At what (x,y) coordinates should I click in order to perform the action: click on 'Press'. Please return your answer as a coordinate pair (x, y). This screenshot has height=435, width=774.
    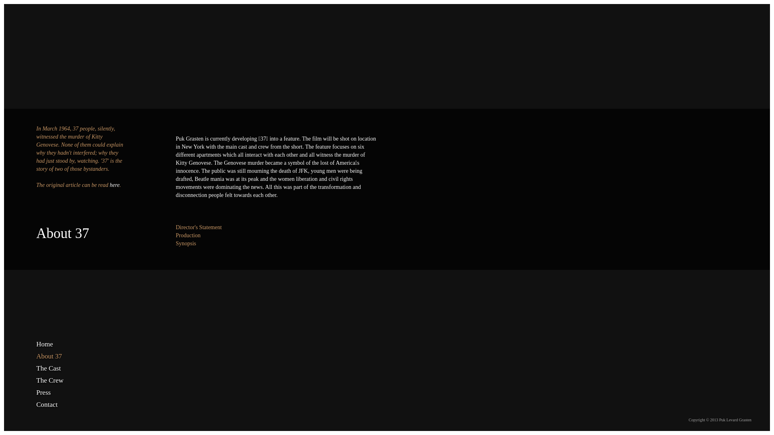
    Looking at the image, I should click on (58, 392).